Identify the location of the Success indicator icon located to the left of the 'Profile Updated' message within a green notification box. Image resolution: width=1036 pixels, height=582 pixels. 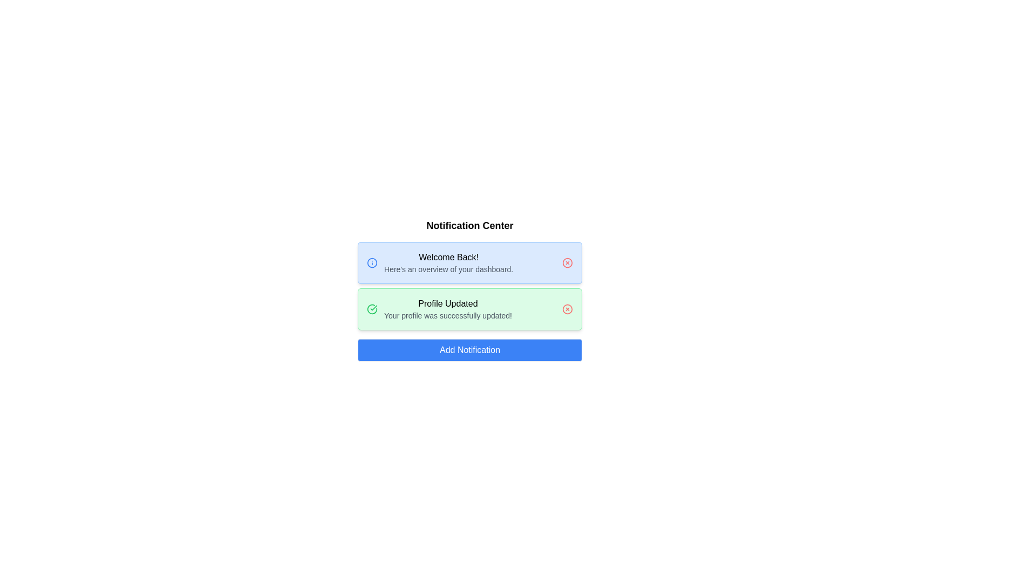
(372, 309).